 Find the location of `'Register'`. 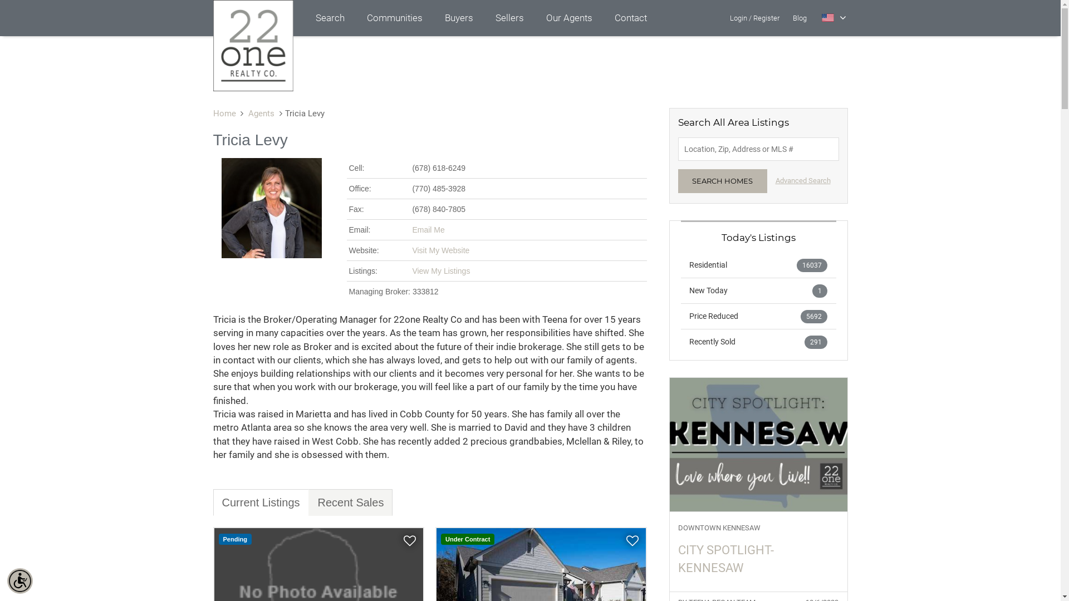

'Register' is located at coordinates (765, 18).